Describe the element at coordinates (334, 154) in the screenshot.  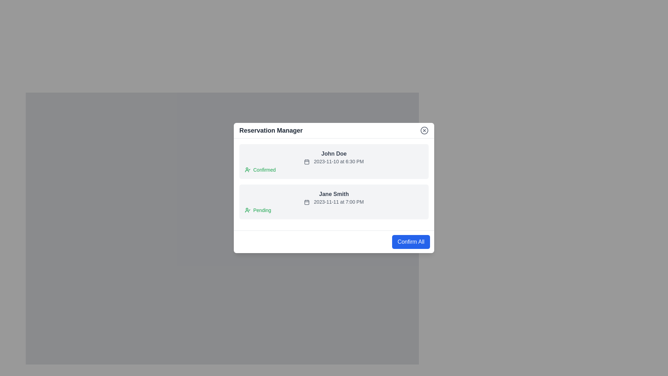
I see `the text label displaying 'John Doe' in bold gray font at the top of the reservation card in the 'Reservation Manager' interface` at that location.